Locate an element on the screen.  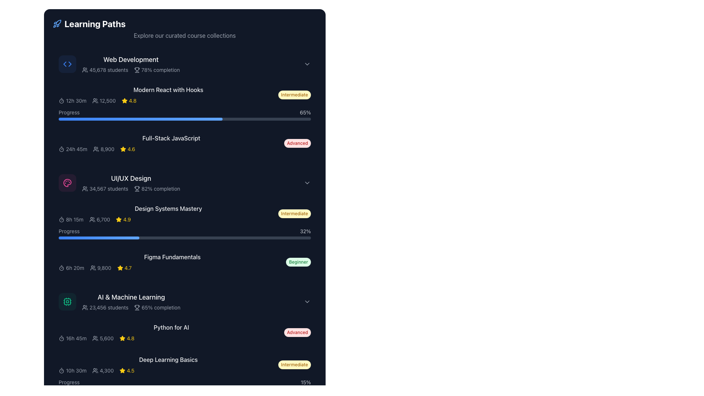
the outermost rounded rectangle of the microchip icon, which is styled in a greenish hue and serves as the border of the design is located at coordinates (67, 301).